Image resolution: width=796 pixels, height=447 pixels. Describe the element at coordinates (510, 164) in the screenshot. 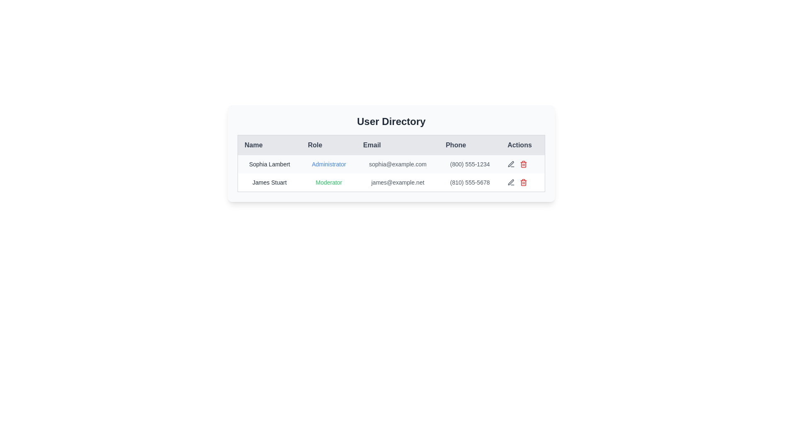

I see `the small, angled pen icon located in the Actions column of the second row of the user table to initiate edit mode` at that location.